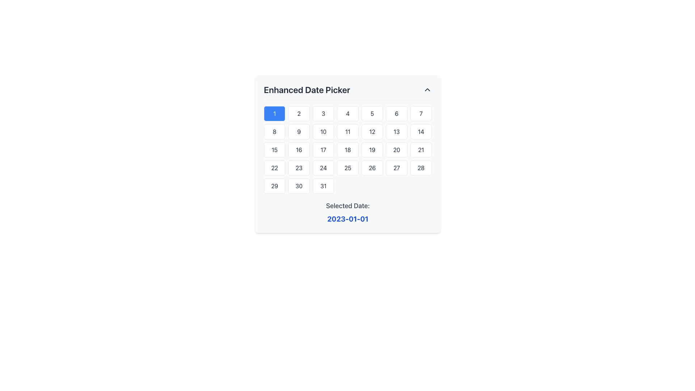 This screenshot has height=391, width=695. Describe the element at coordinates (421, 131) in the screenshot. I see `the button representing the 14th day of the current month in the date picker, located in the second row and seventh column of the grid layout` at that location.